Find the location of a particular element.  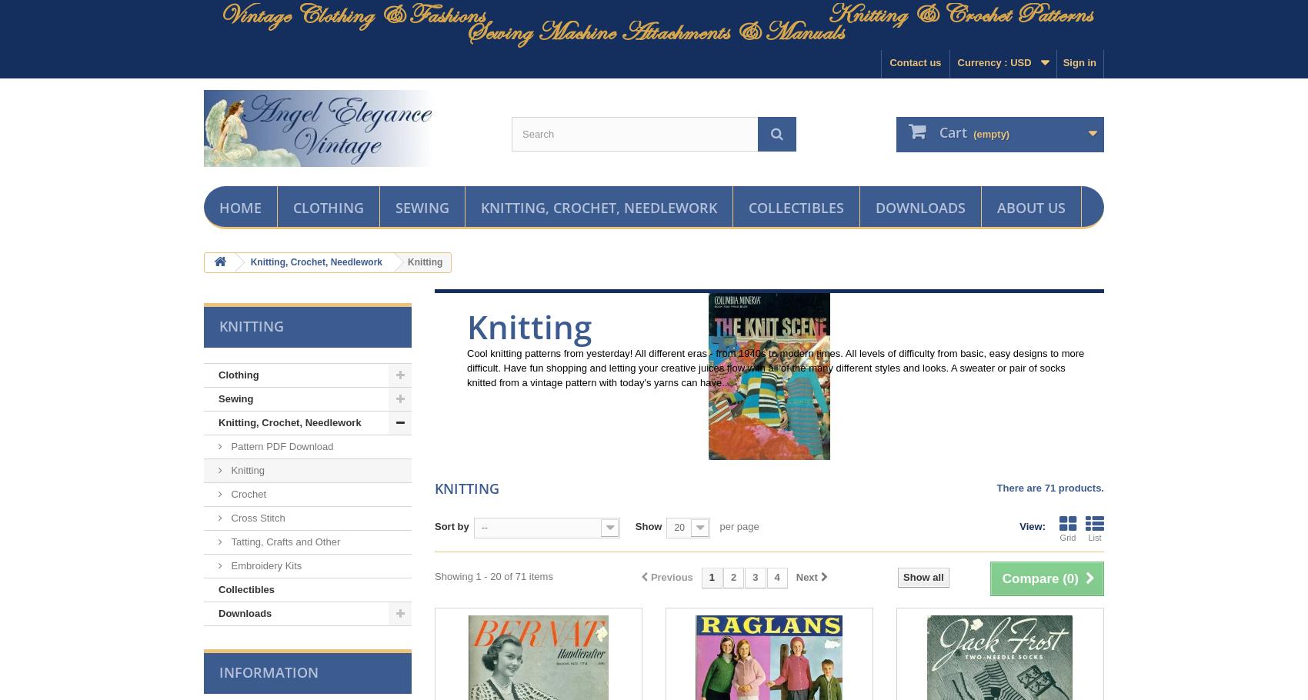

'Home' is located at coordinates (219, 206).